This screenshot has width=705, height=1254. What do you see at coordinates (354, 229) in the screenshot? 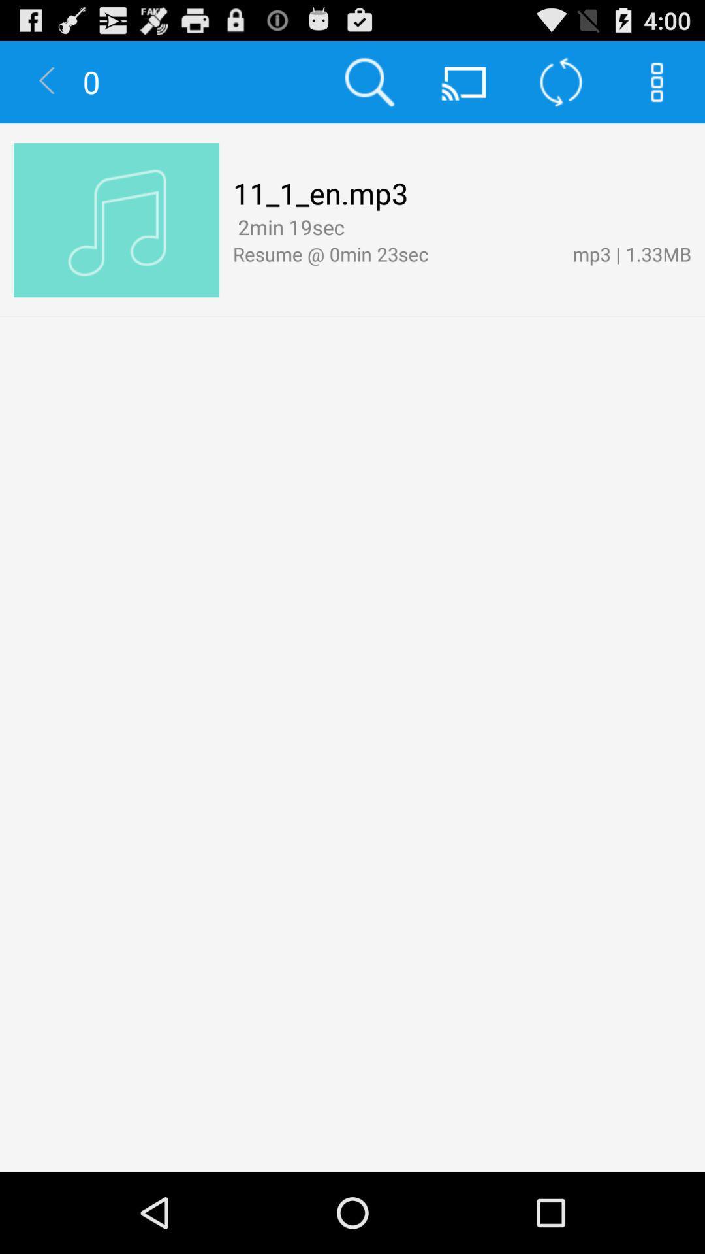
I see `the icon to the right of  2min 19sec icon` at bounding box center [354, 229].